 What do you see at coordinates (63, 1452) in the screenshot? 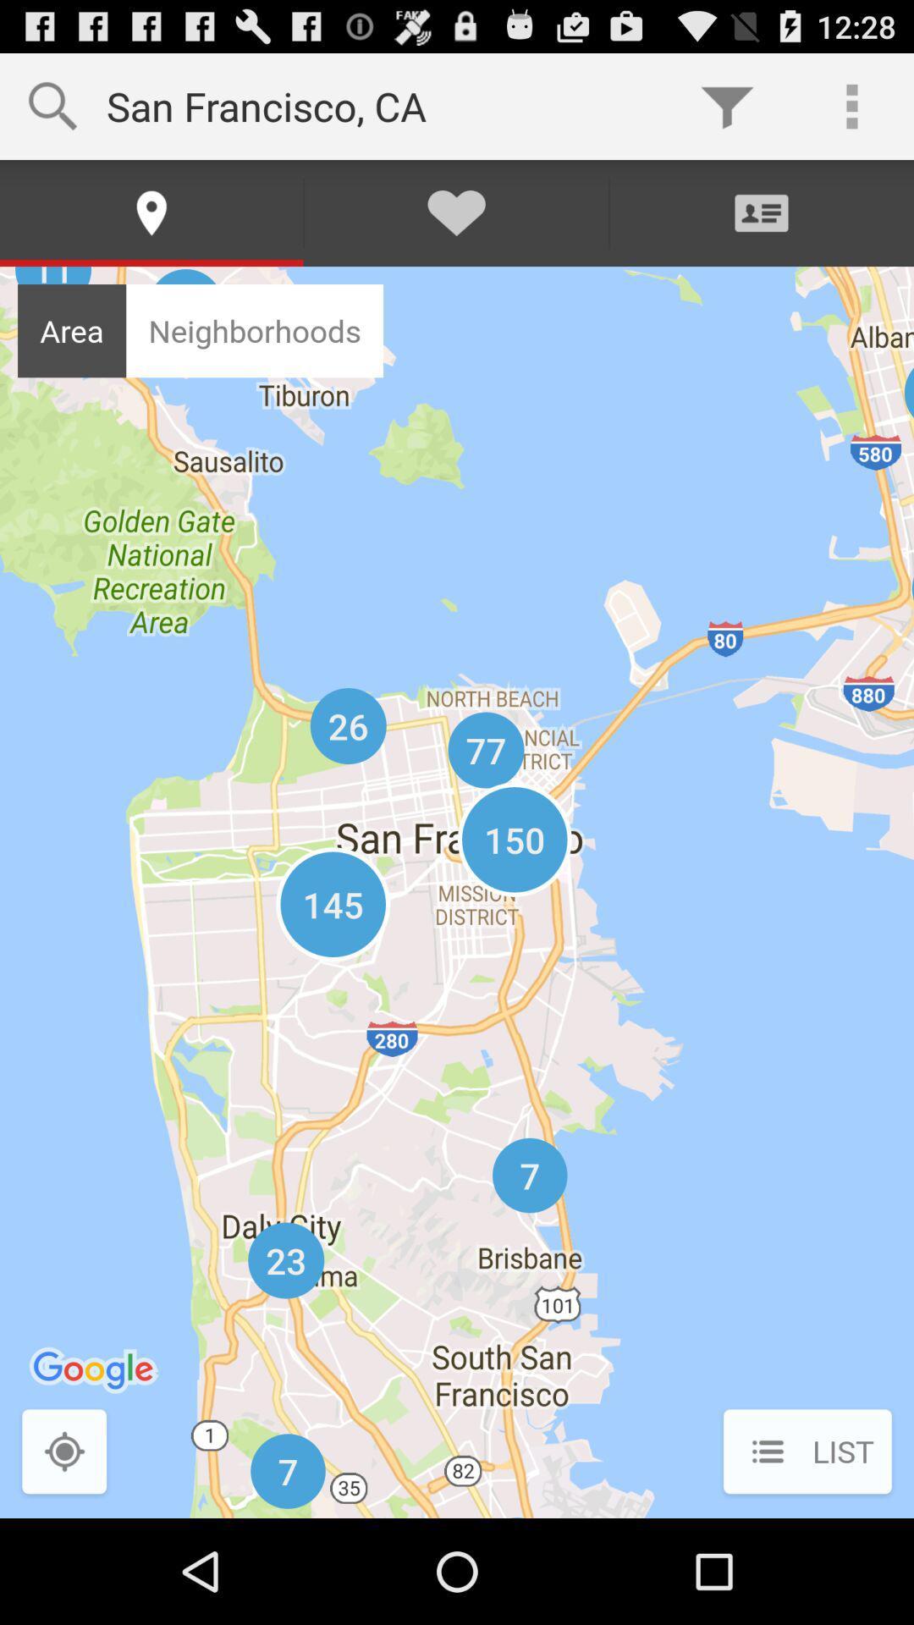
I see `current location` at bounding box center [63, 1452].